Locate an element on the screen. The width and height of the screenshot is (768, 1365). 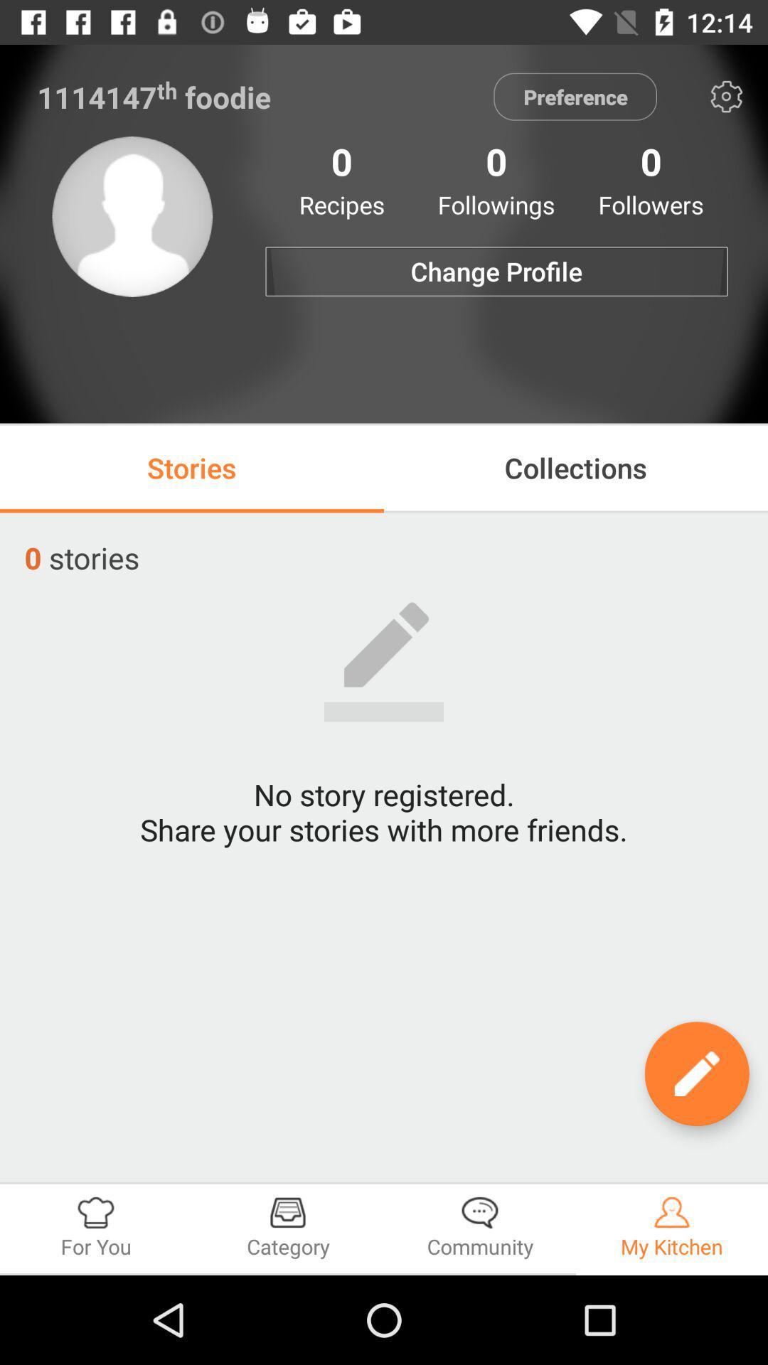
the icon above the stories is located at coordinates (132, 215).